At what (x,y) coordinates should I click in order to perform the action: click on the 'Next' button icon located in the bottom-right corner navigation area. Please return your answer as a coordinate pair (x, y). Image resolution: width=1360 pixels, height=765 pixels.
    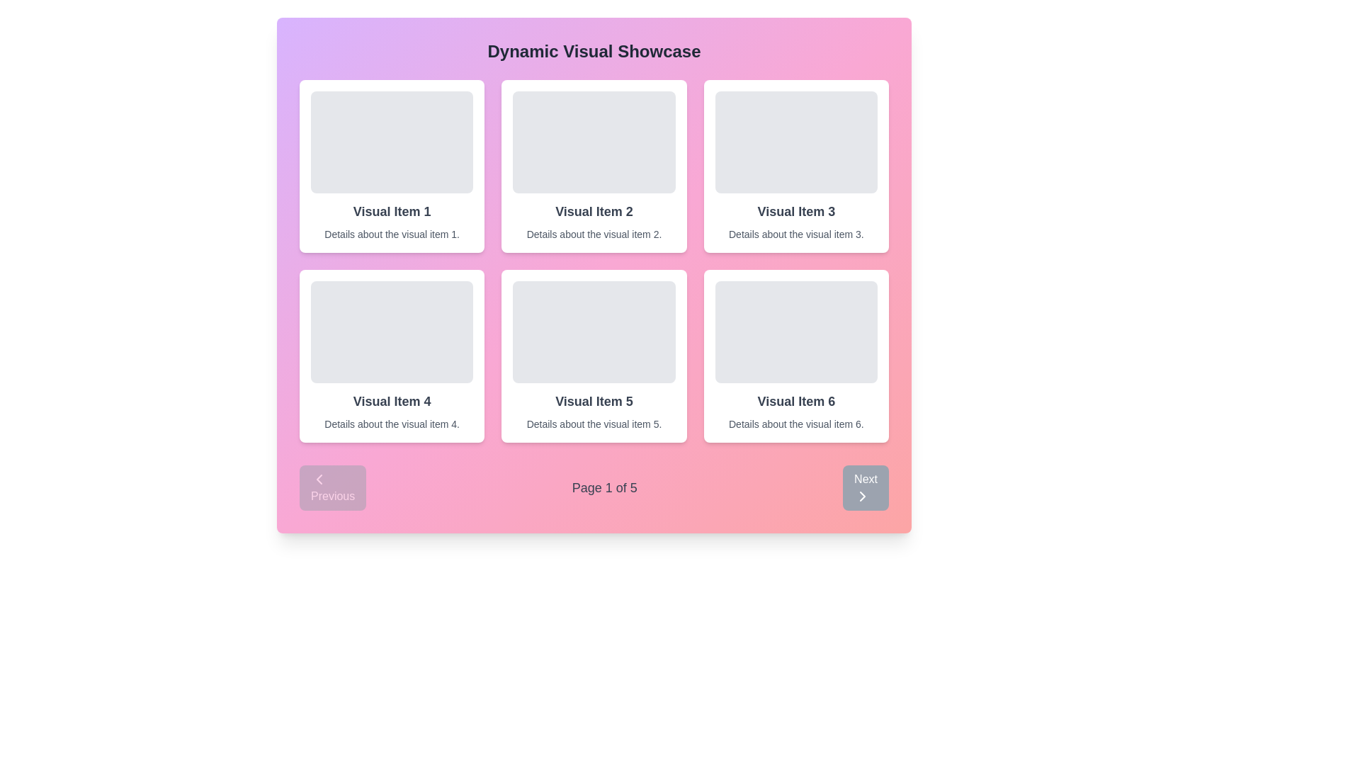
    Looking at the image, I should click on (862, 496).